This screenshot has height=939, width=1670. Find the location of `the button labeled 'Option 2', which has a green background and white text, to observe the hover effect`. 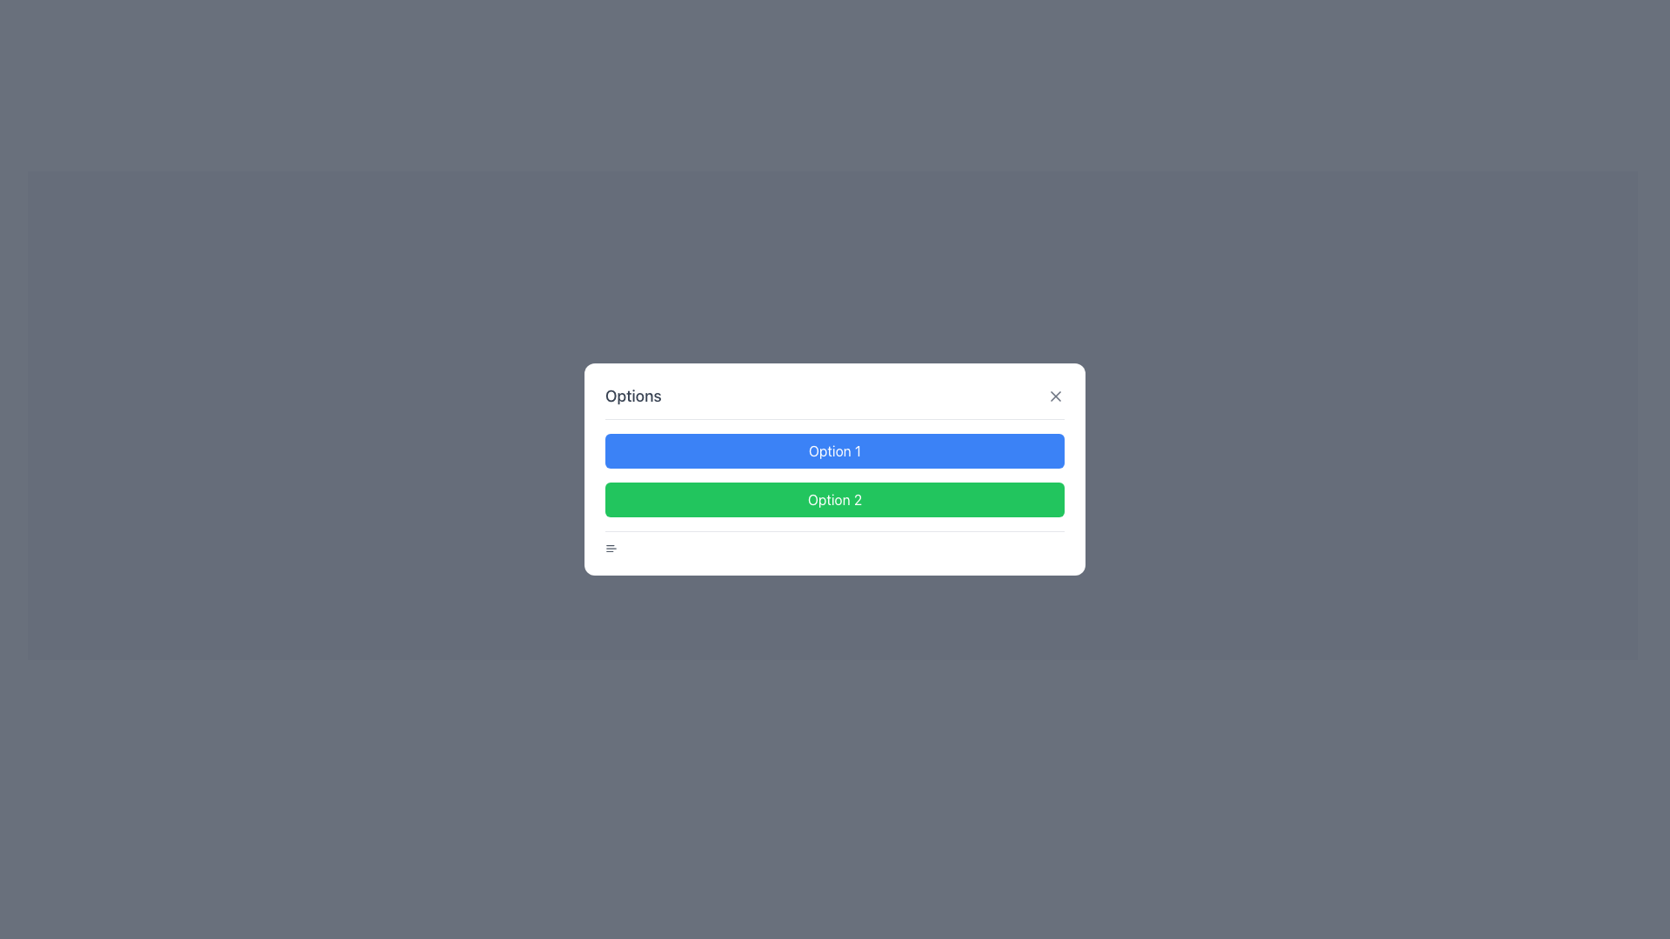

the button labeled 'Option 2', which has a green background and white text, to observe the hover effect is located at coordinates (835, 499).